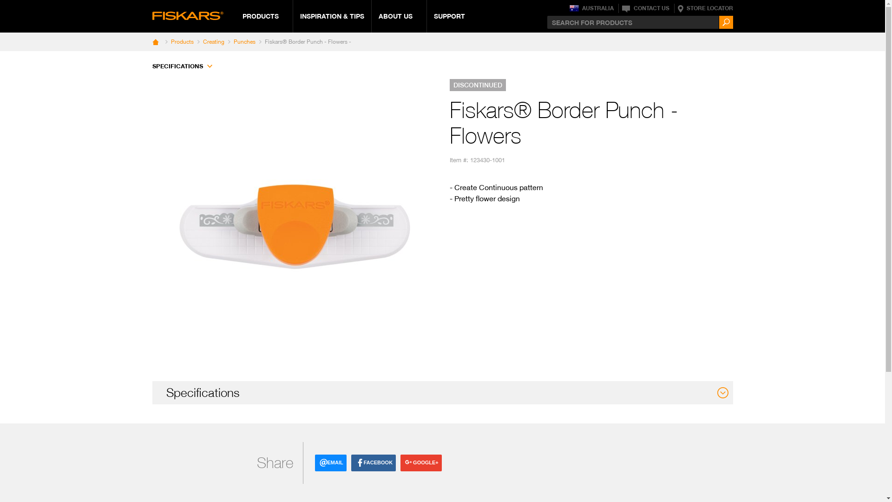 The height and width of the screenshot is (502, 892). What do you see at coordinates (378, 16) in the screenshot?
I see `'ABOUT US'` at bounding box center [378, 16].